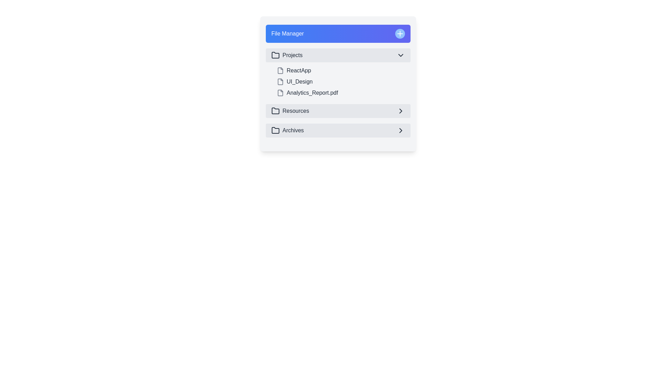 The width and height of the screenshot is (668, 376). Describe the element at coordinates (342, 71) in the screenshot. I see `the first selectable item representing a file labeled 'ReactApp' in the 'Projects' section` at that location.